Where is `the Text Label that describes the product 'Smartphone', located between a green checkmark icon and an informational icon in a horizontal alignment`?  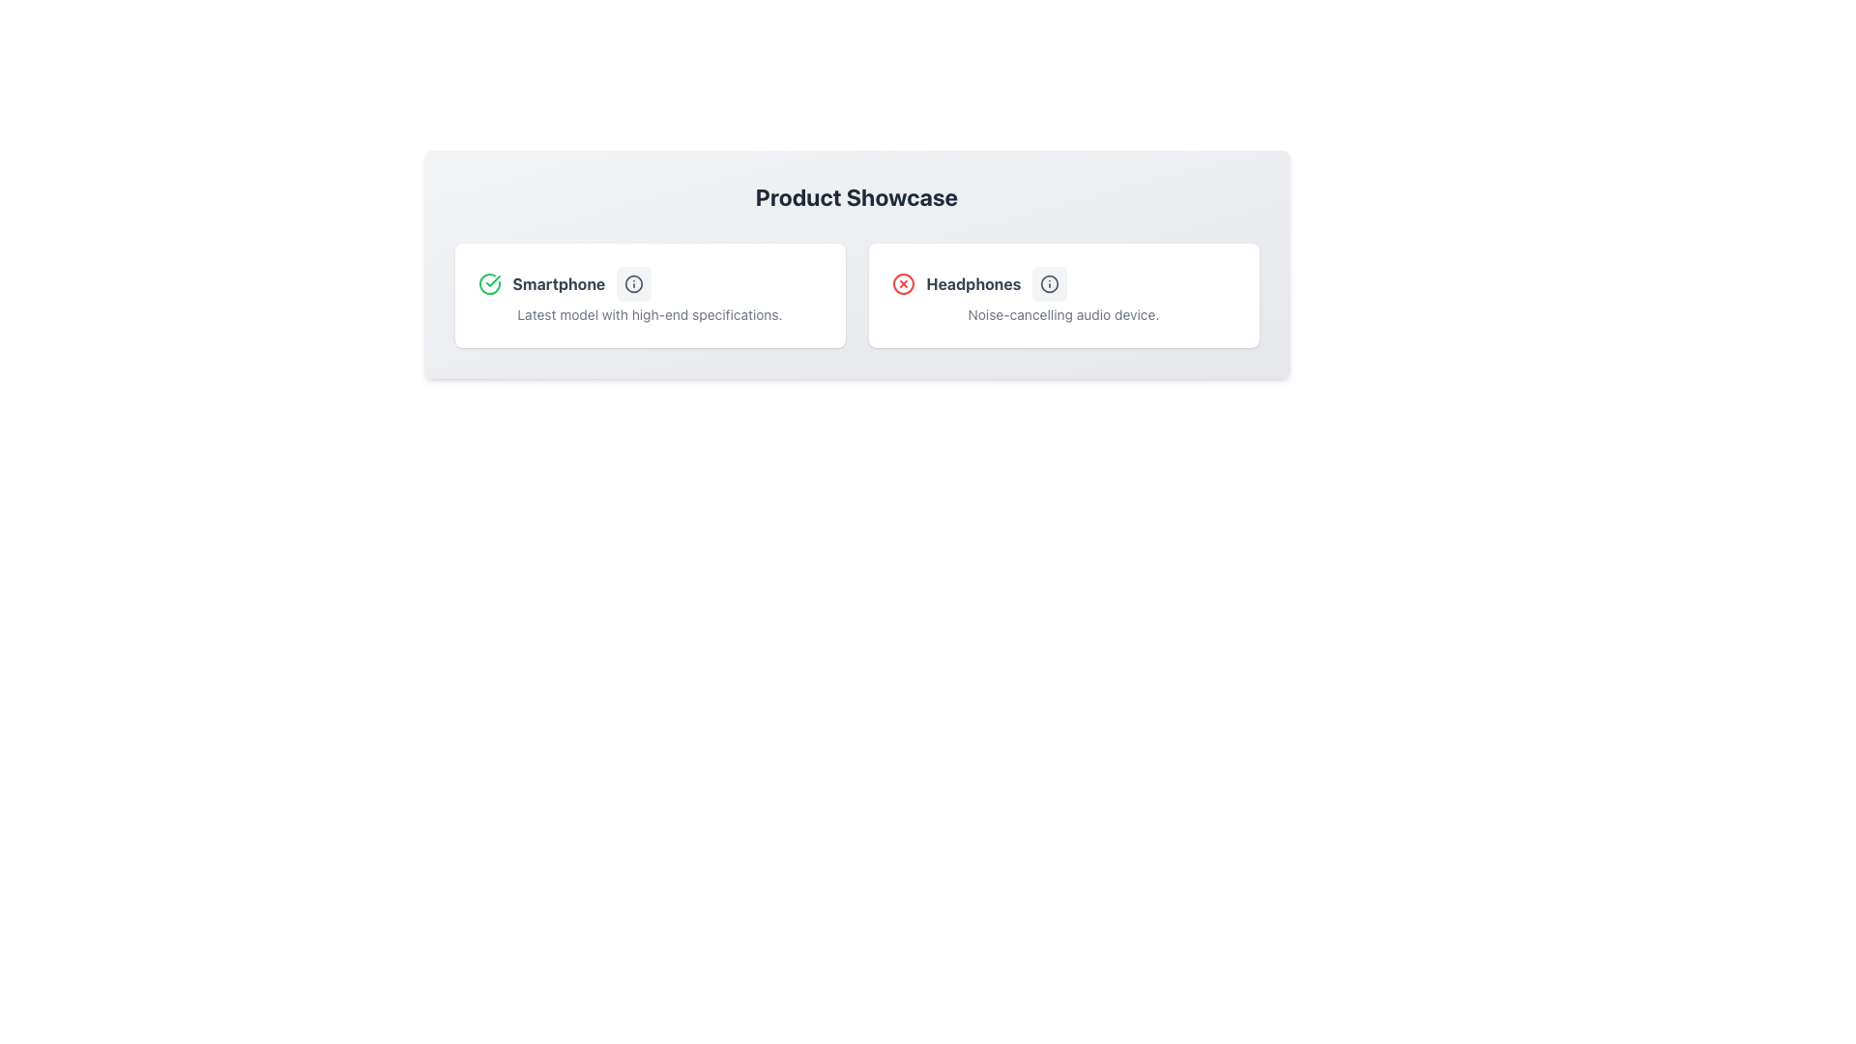
the Text Label that describes the product 'Smartphone', located between a green checkmark icon and an informational icon in a horizontal alignment is located at coordinates (558, 283).